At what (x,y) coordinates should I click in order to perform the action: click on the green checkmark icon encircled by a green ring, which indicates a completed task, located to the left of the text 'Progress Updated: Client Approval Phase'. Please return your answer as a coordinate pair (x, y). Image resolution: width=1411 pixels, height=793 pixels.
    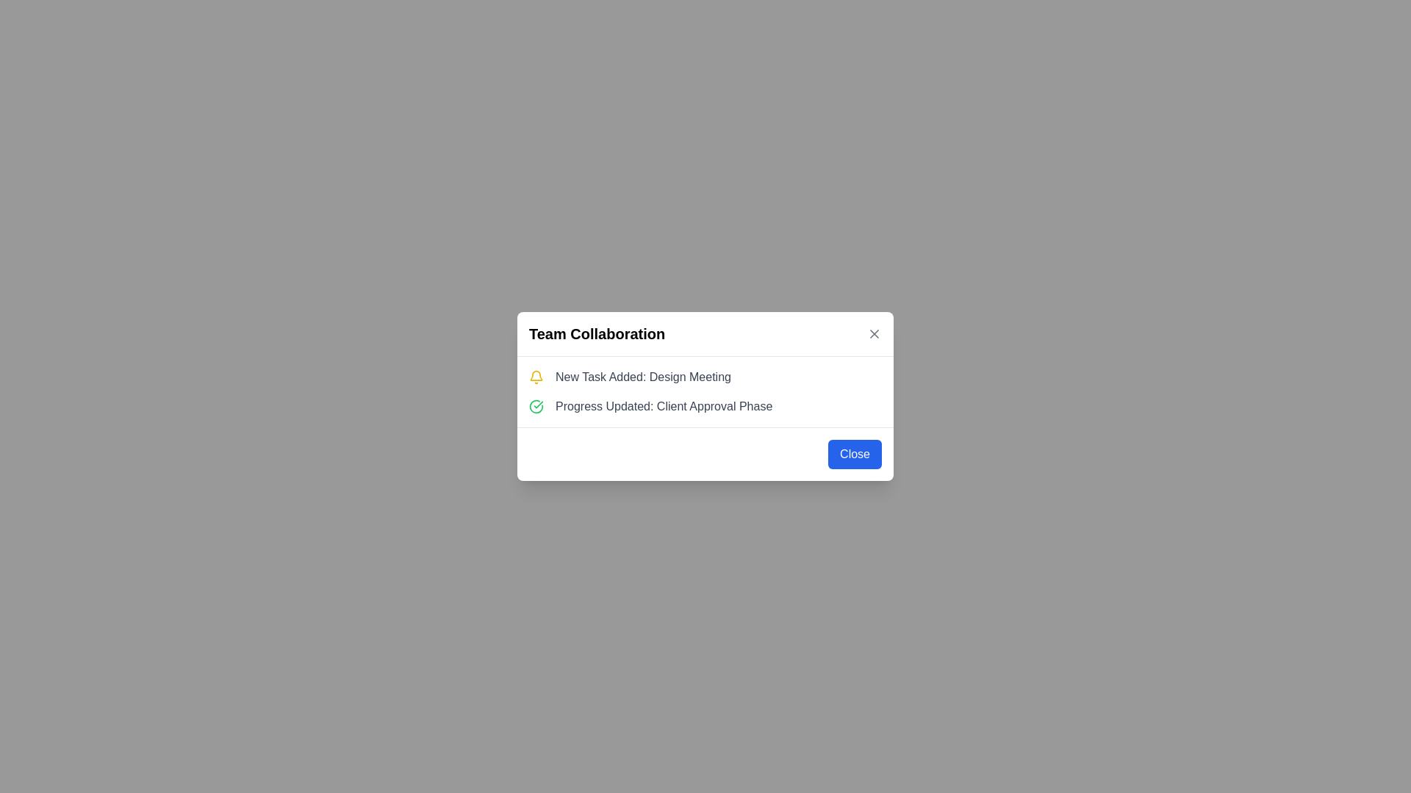
    Looking at the image, I should click on (535, 407).